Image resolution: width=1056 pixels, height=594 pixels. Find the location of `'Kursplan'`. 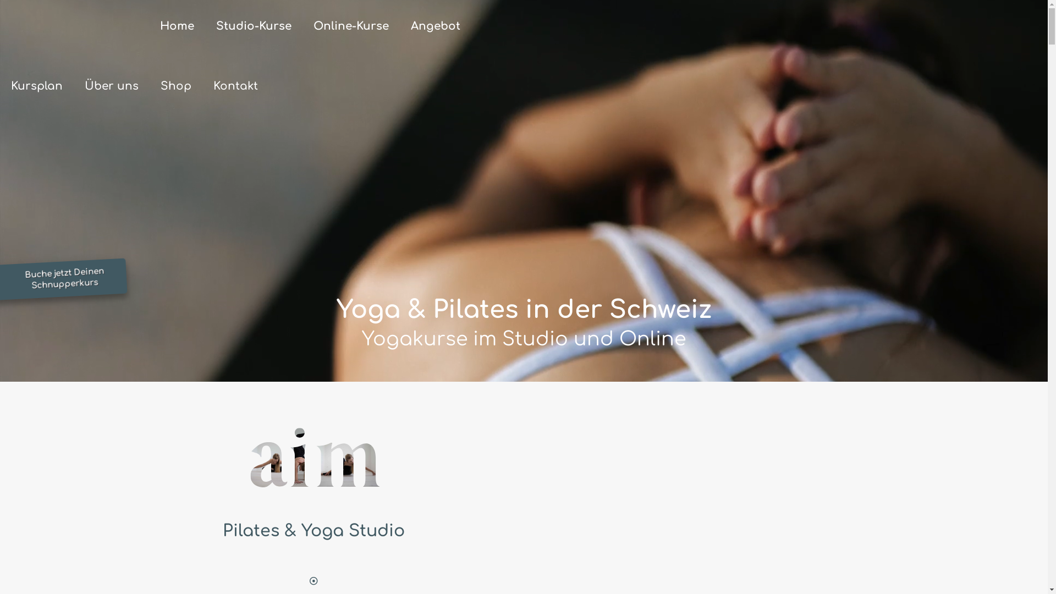

'Kursplan' is located at coordinates (37, 86).